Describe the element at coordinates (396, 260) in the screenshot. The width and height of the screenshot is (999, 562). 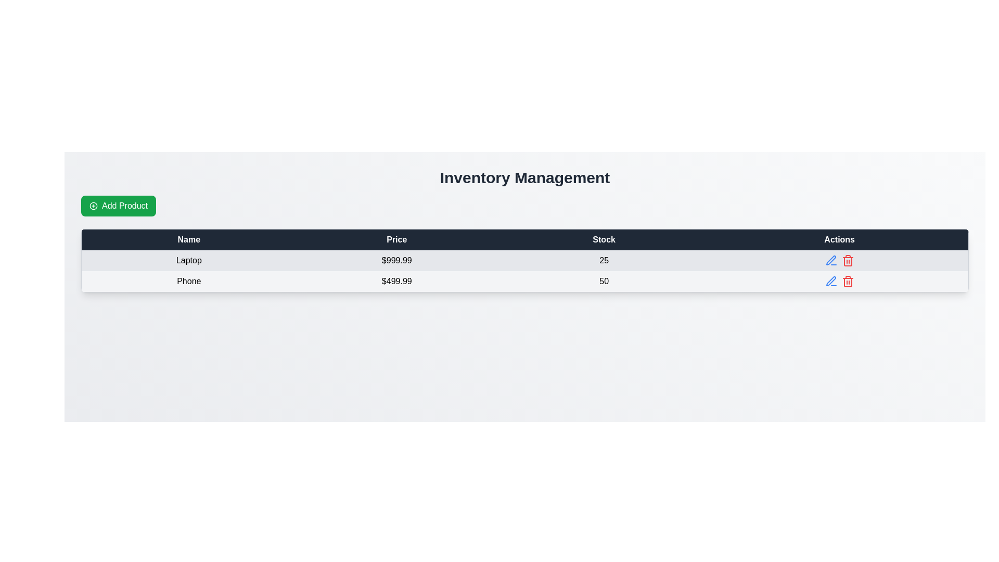
I see `the price display of '$999.99' in the 'Price' column of the 'Inventory Management' table` at that location.